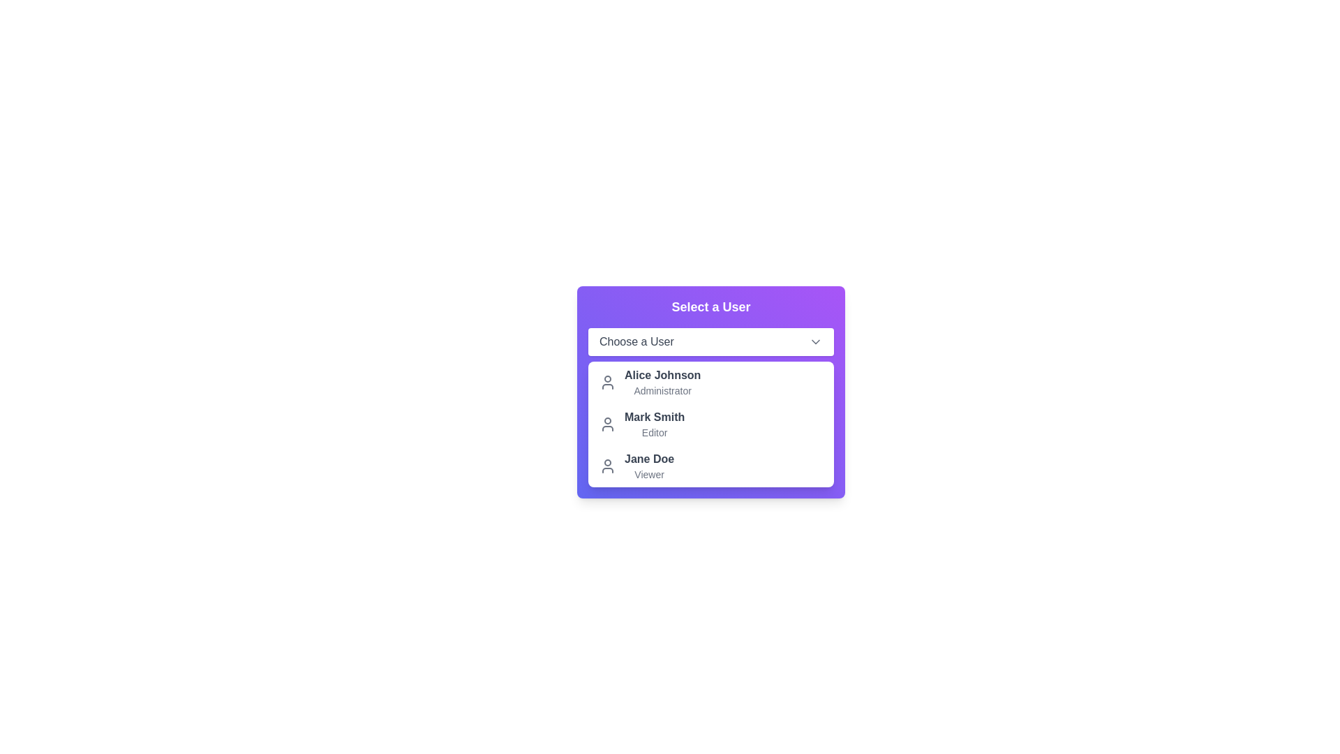 Image resolution: width=1340 pixels, height=754 pixels. What do you see at coordinates (648, 473) in the screenshot?
I see `the 'Viewer' text label, which is a smaller gray text located beneath 'Jane Doe' in the dropdown-style selection box` at bounding box center [648, 473].